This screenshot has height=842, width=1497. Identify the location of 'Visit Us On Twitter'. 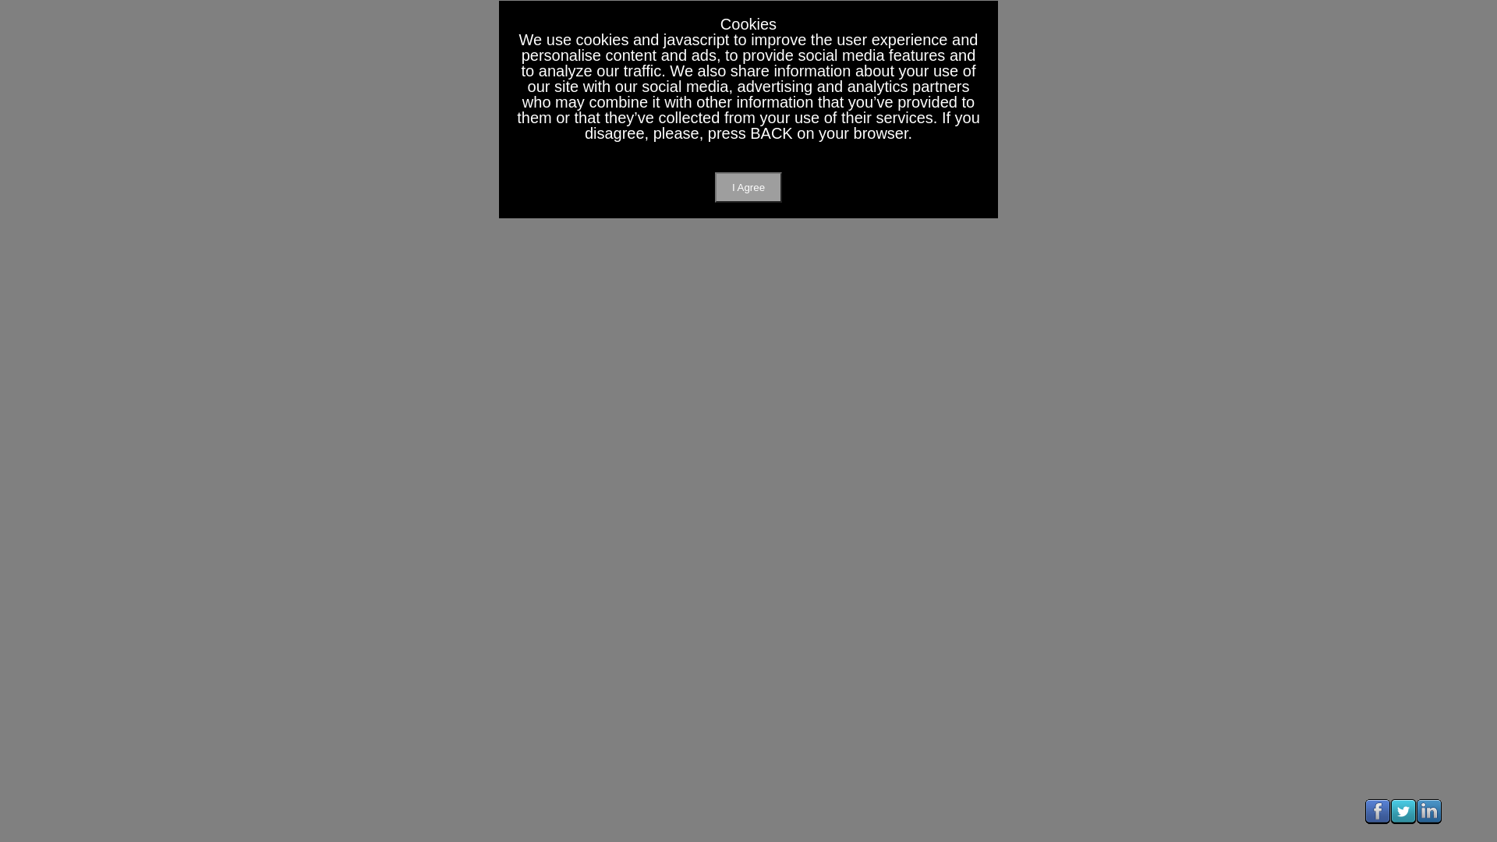
(1403, 819).